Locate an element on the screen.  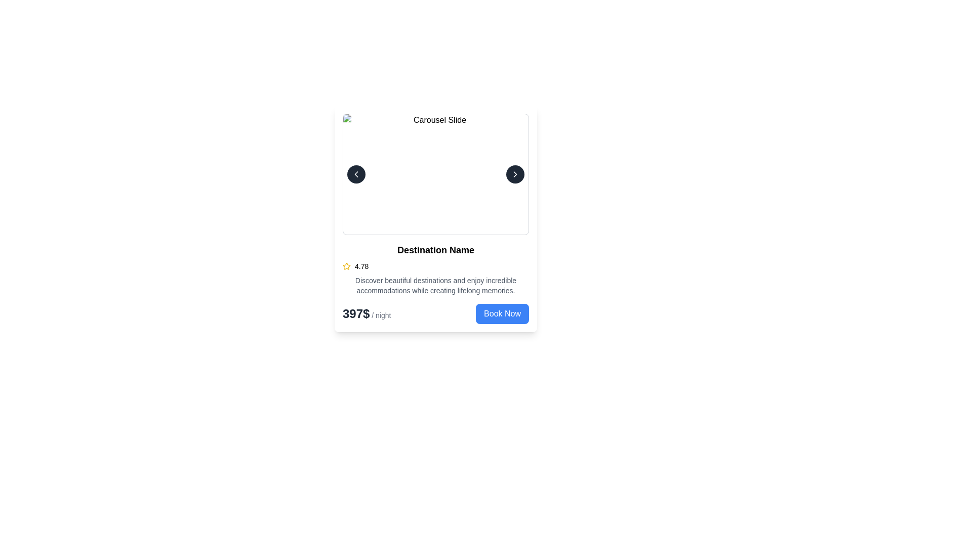
the descriptive summary text element located between the rating section (4.78 stars) and the pricing details ('397$ / night') within the card layout is located at coordinates (435, 285).